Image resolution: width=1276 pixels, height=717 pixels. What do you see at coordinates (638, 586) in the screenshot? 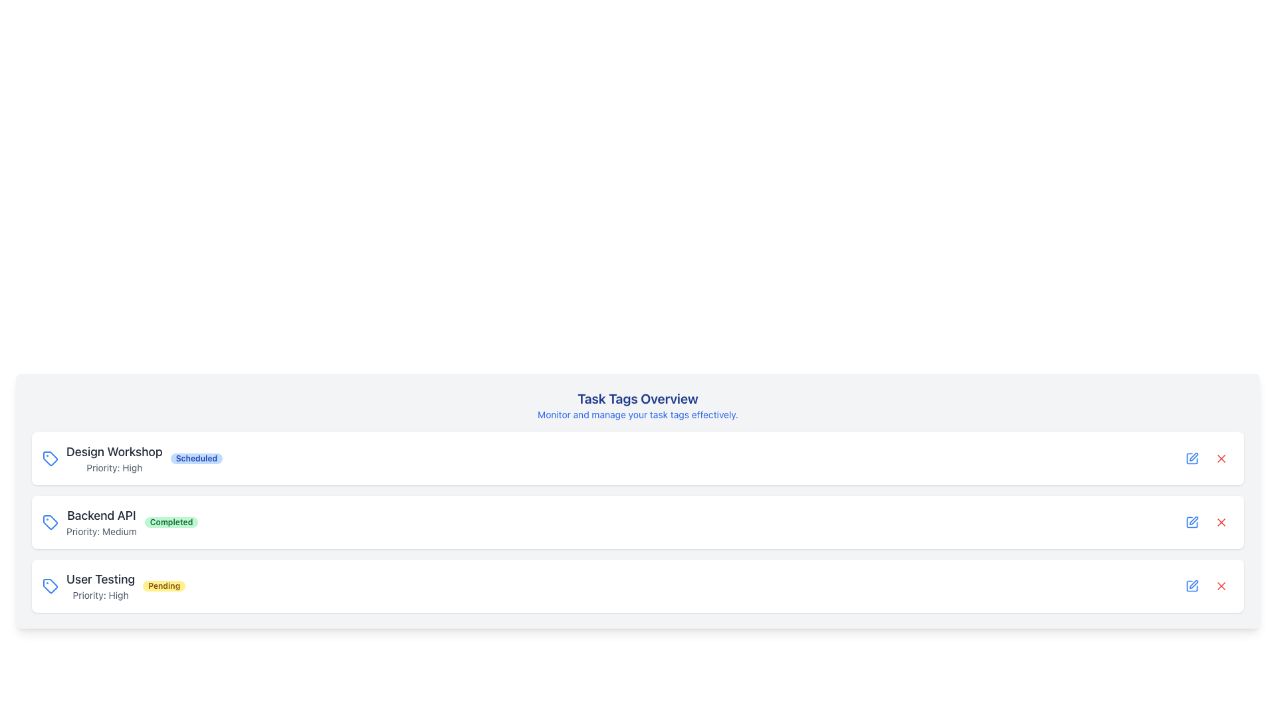
I see `the interactive card labeled 'User Testing' with a 'Pending' badge, which is the third item in a vertical list of similar elements` at bounding box center [638, 586].